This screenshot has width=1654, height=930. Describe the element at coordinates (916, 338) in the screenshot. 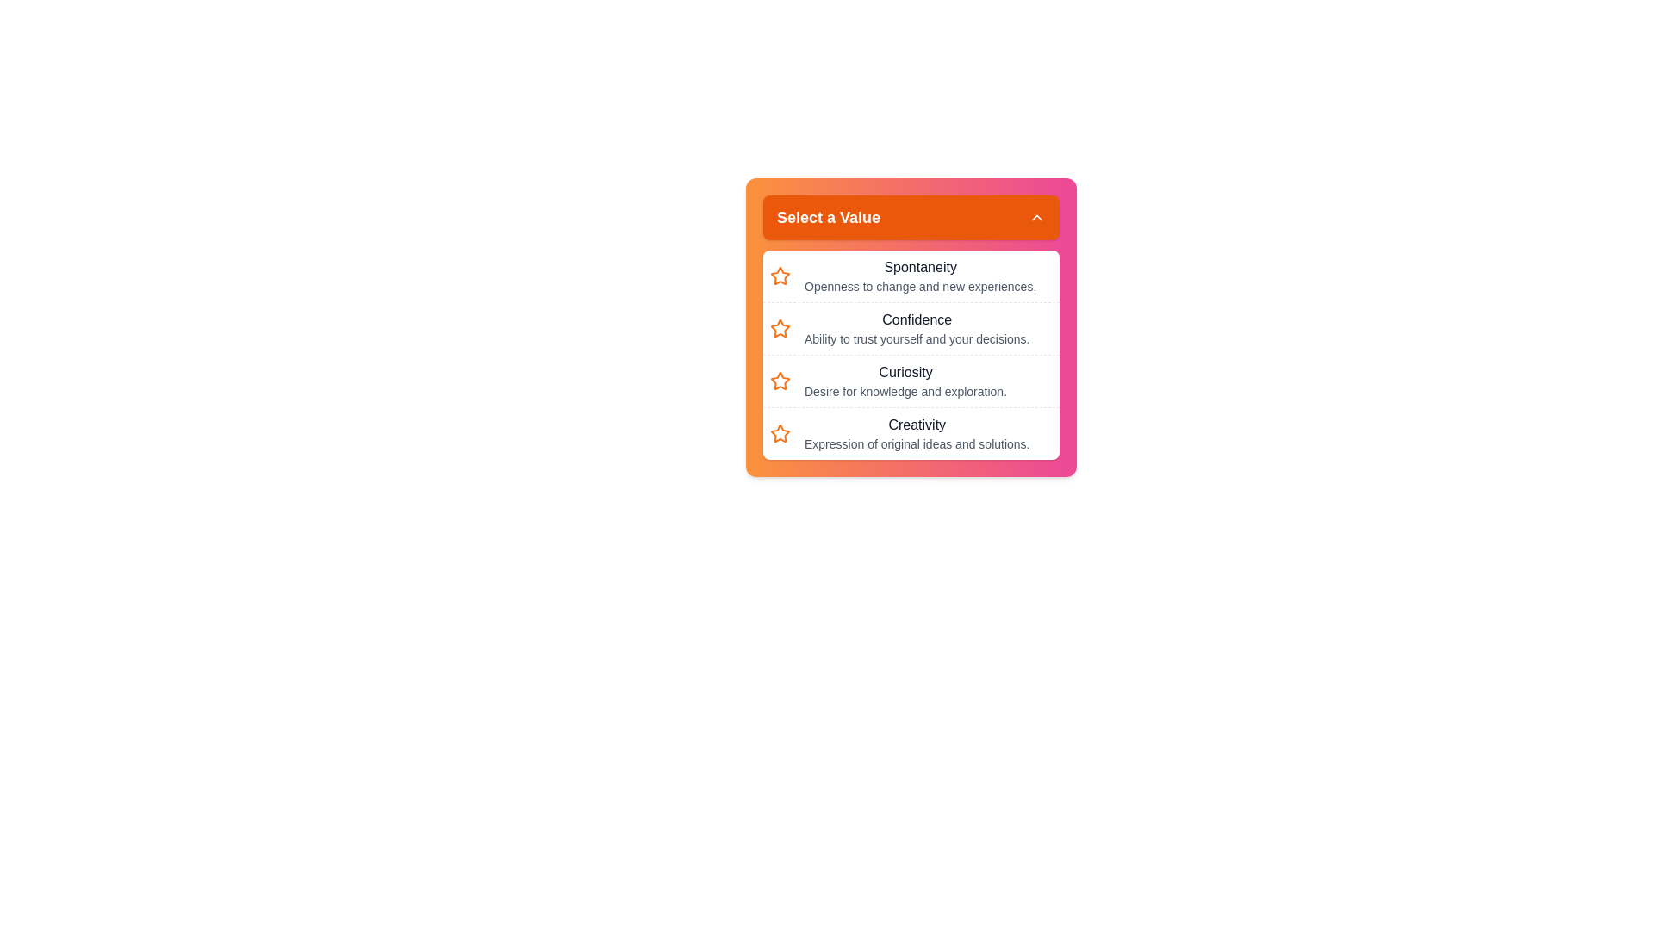

I see `the explanatory text in smaller gray font located below the 'Confidence' heading in the dropdown list` at that location.